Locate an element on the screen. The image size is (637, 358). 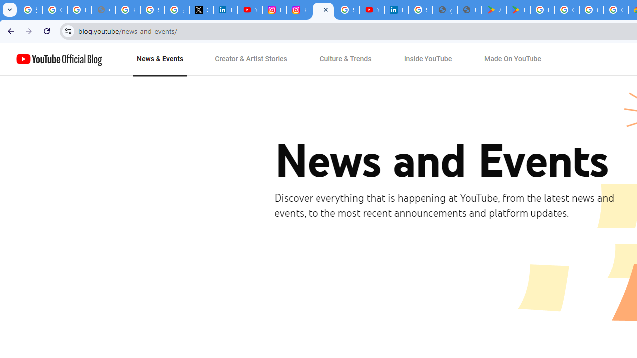
'X' is located at coordinates (201, 10).